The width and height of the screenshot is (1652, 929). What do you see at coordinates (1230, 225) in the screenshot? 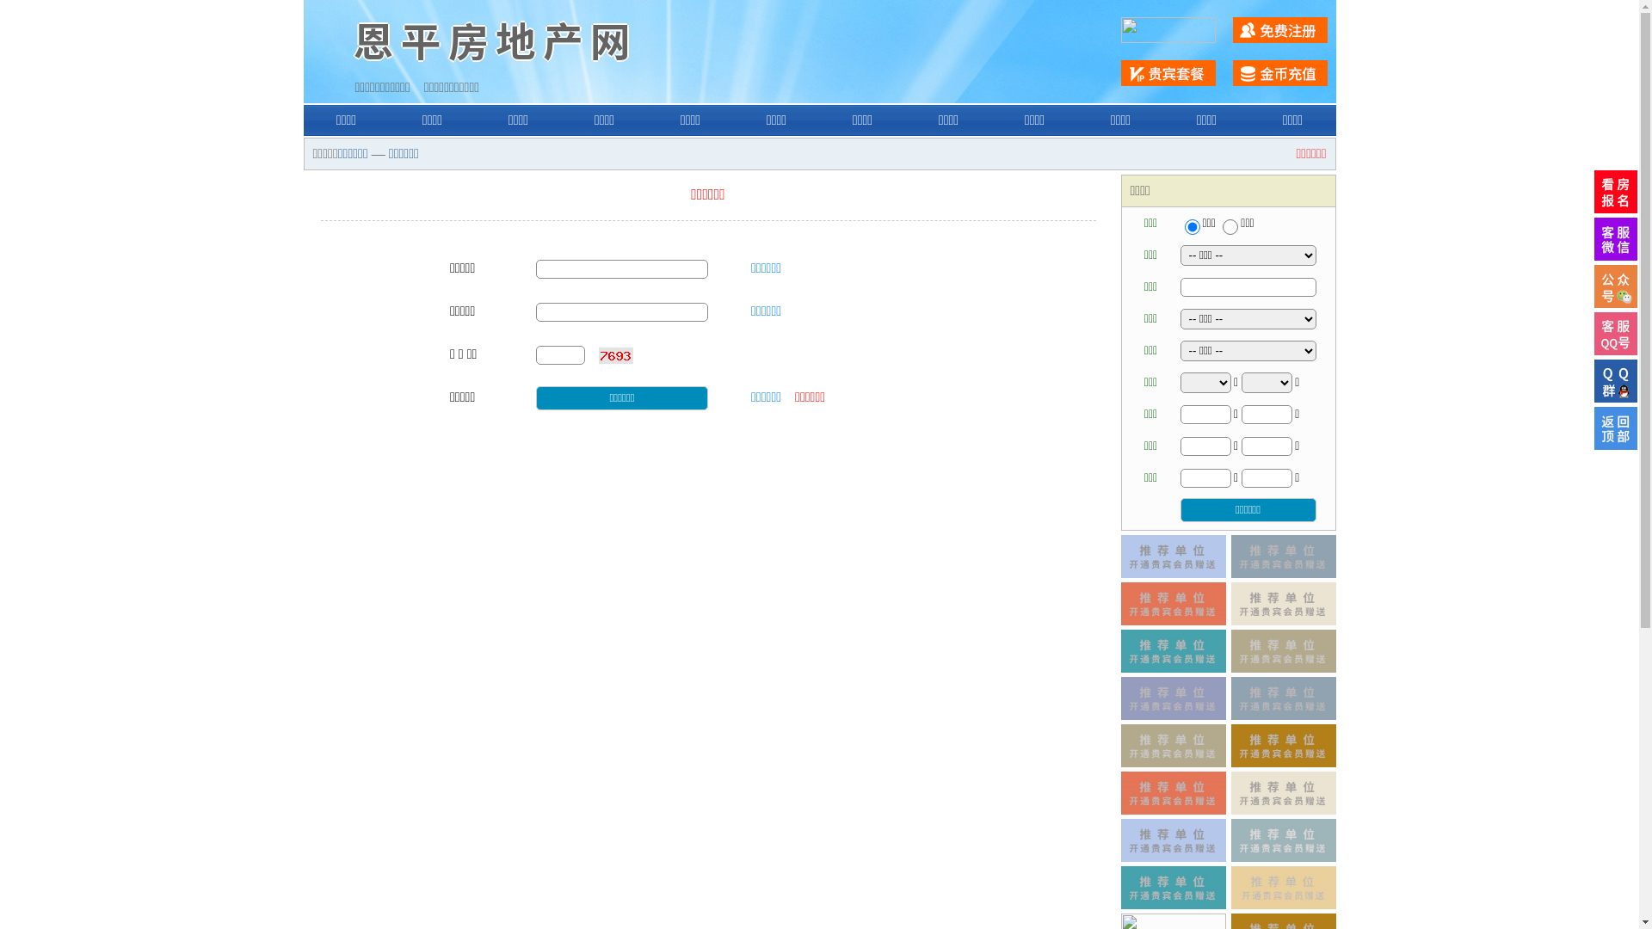
I see `'chuzu'` at bounding box center [1230, 225].